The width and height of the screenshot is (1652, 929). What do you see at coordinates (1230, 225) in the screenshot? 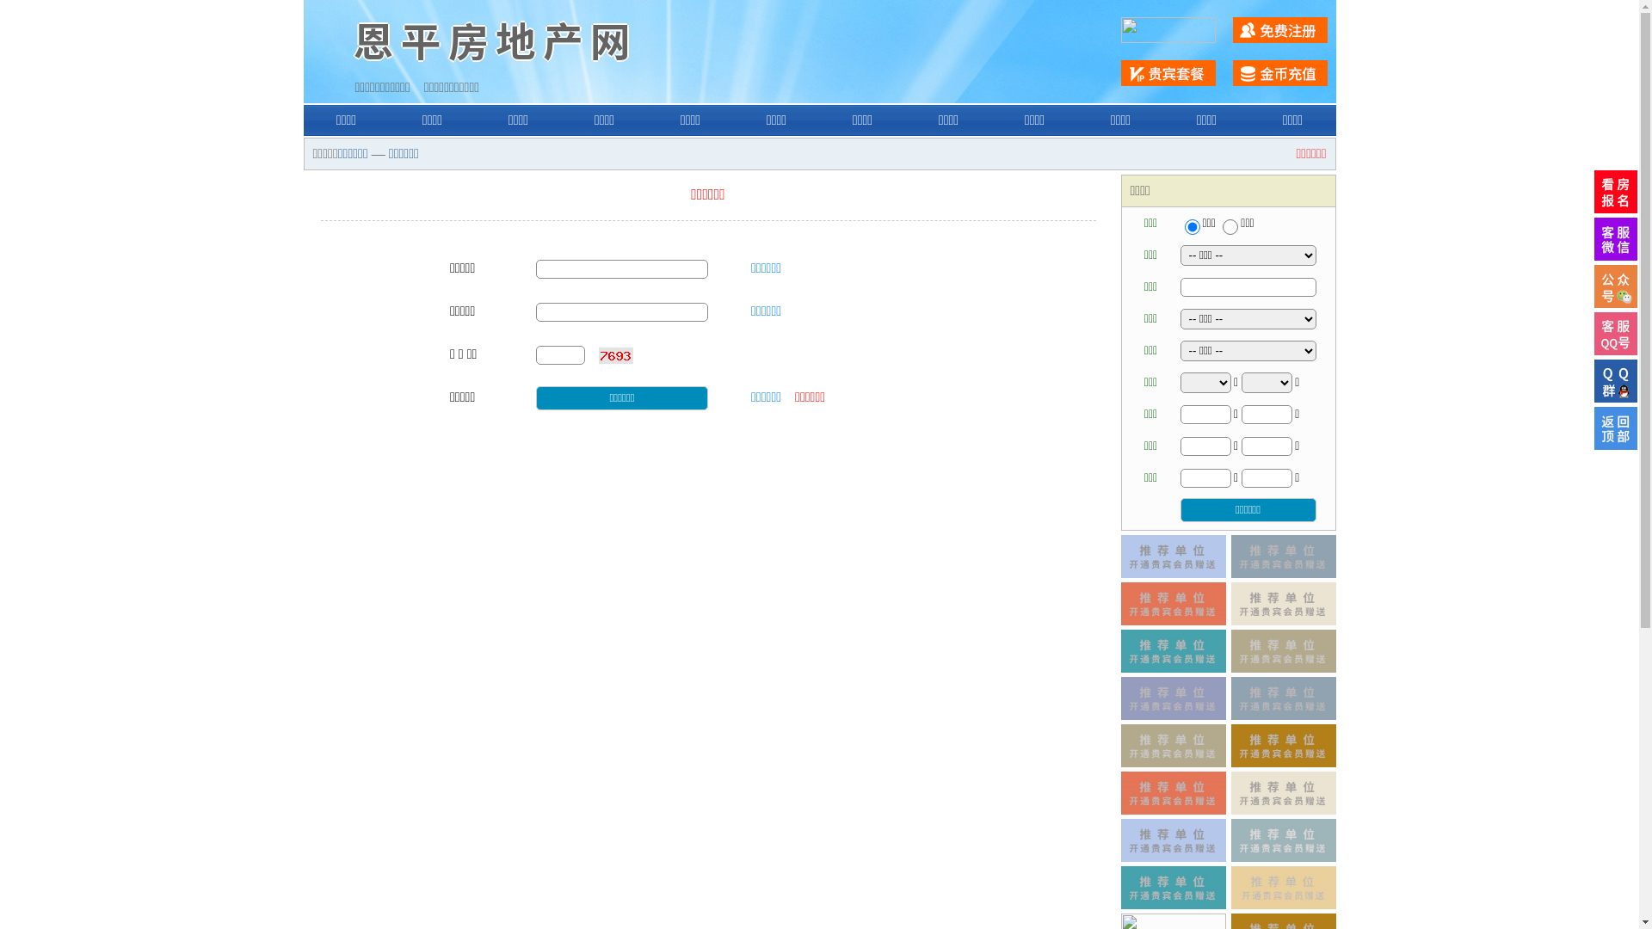
I see `'chuzu'` at bounding box center [1230, 225].